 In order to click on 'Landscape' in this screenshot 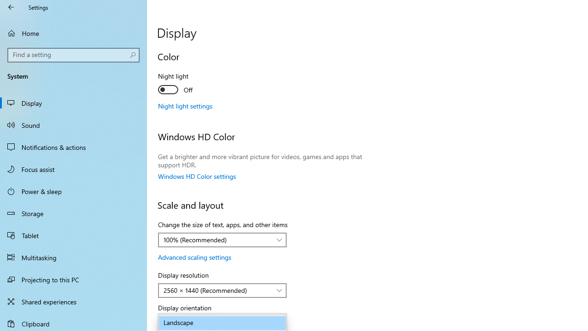, I will do `click(222, 323)`.